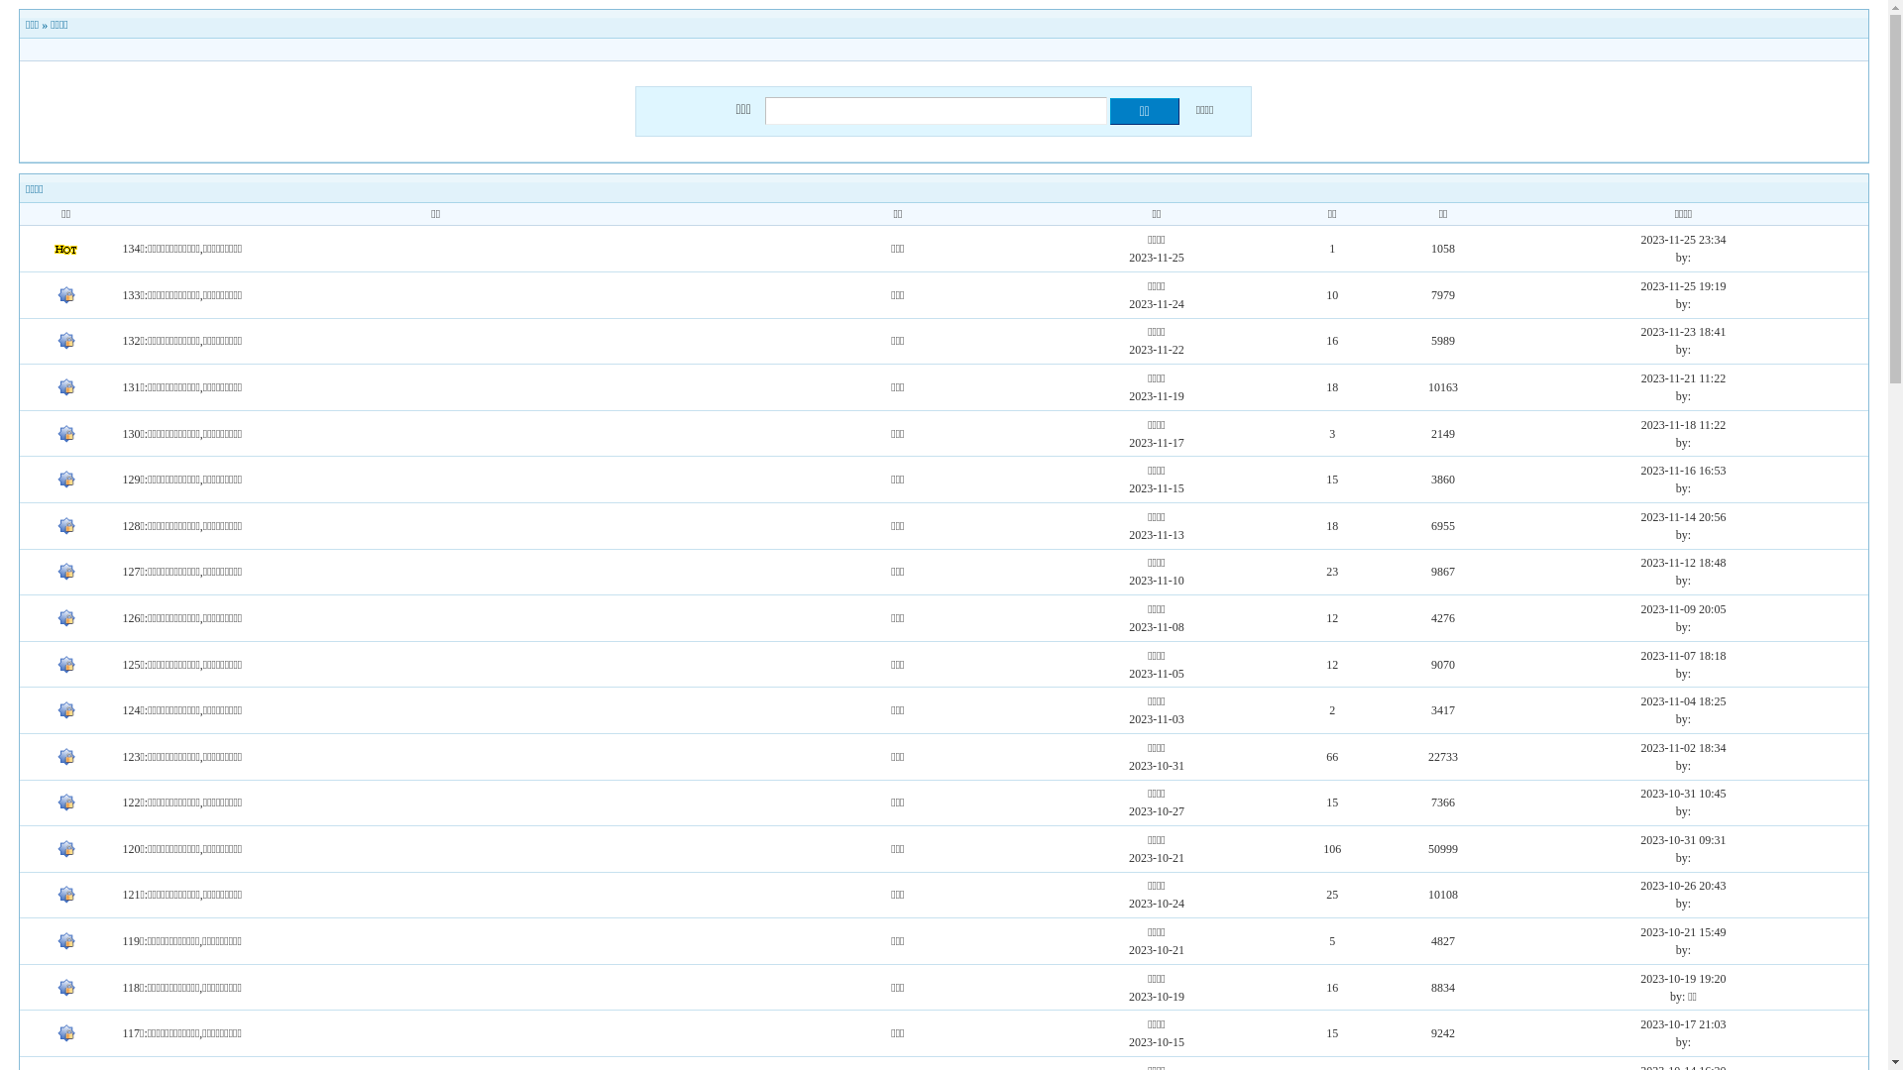 This screenshot has height=1070, width=1903. Describe the element at coordinates (1682, 840) in the screenshot. I see `'2023-10-31 09:31'` at that location.